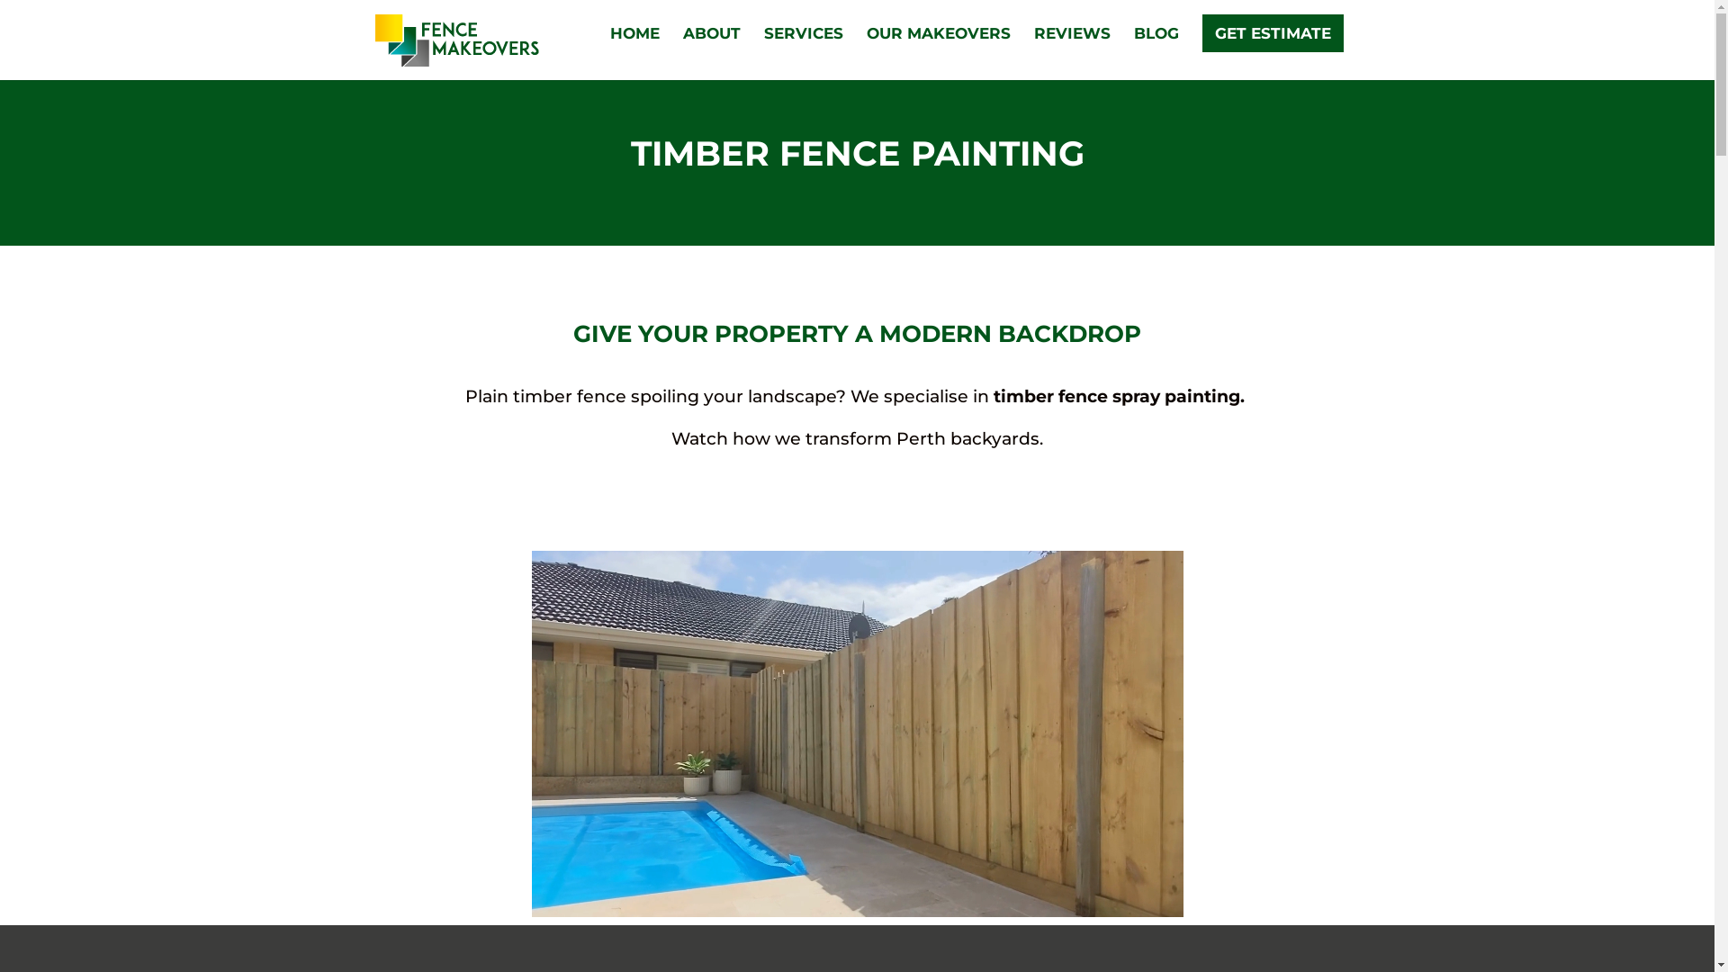 This screenshot has width=1728, height=972. What do you see at coordinates (1272, 33) in the screenshot?
I see `'GET ESTIMATE'` at bounding box center [1272, 33].